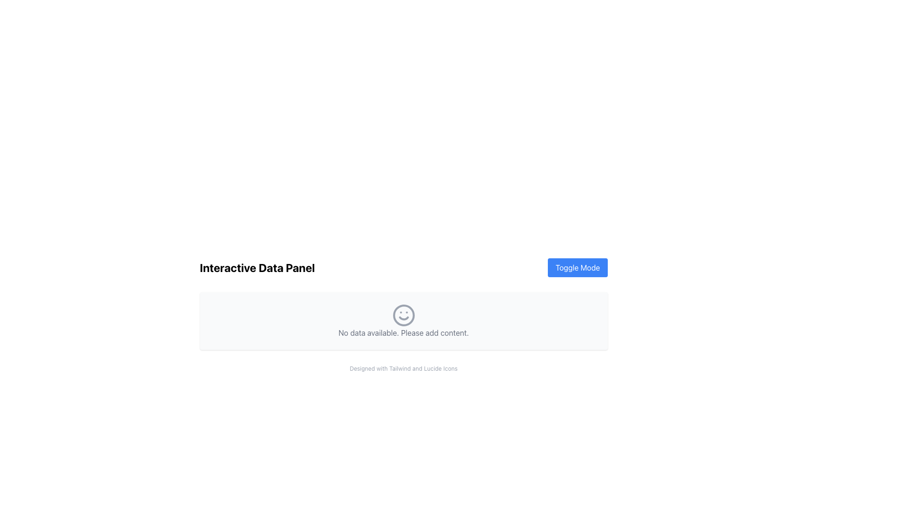 The image size is (906, 510). What do you see at coordinates (403, 315) in the screenshot?
I see `the decorative icon that visually complements the 'No data available' message, positioned centrally above the text` at bounding box center [403, 315].